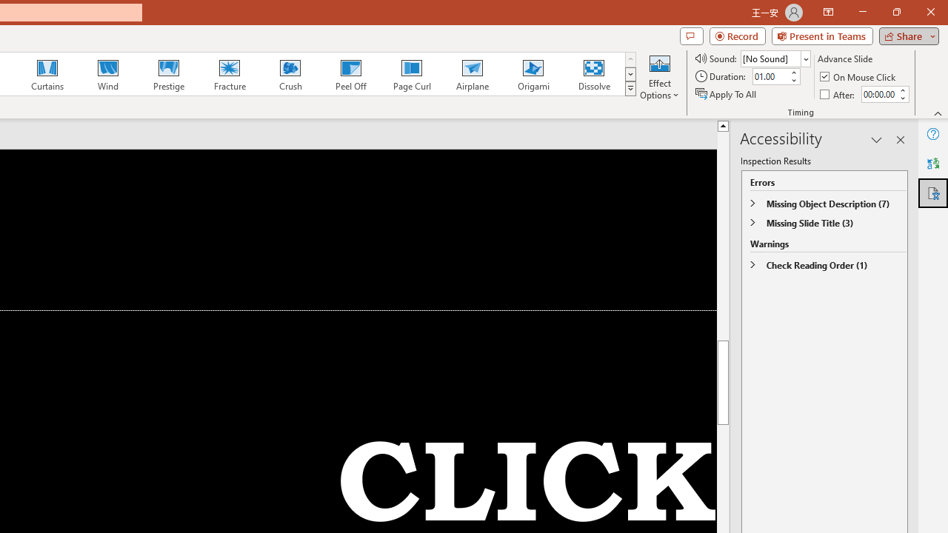 The width and height of the screenshot is (948, 533). Describe the element at coordinates (630, 89) in the screenshot. I see `'Transition Effects'` at that location.